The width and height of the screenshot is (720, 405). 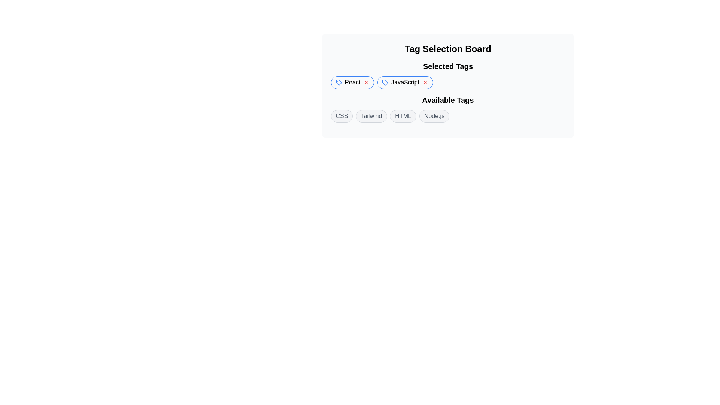 I want to click on the SVG icon representing the 'React' tag, which is the leftmost component of the 'React' tag button, so click(x=338, y=82).